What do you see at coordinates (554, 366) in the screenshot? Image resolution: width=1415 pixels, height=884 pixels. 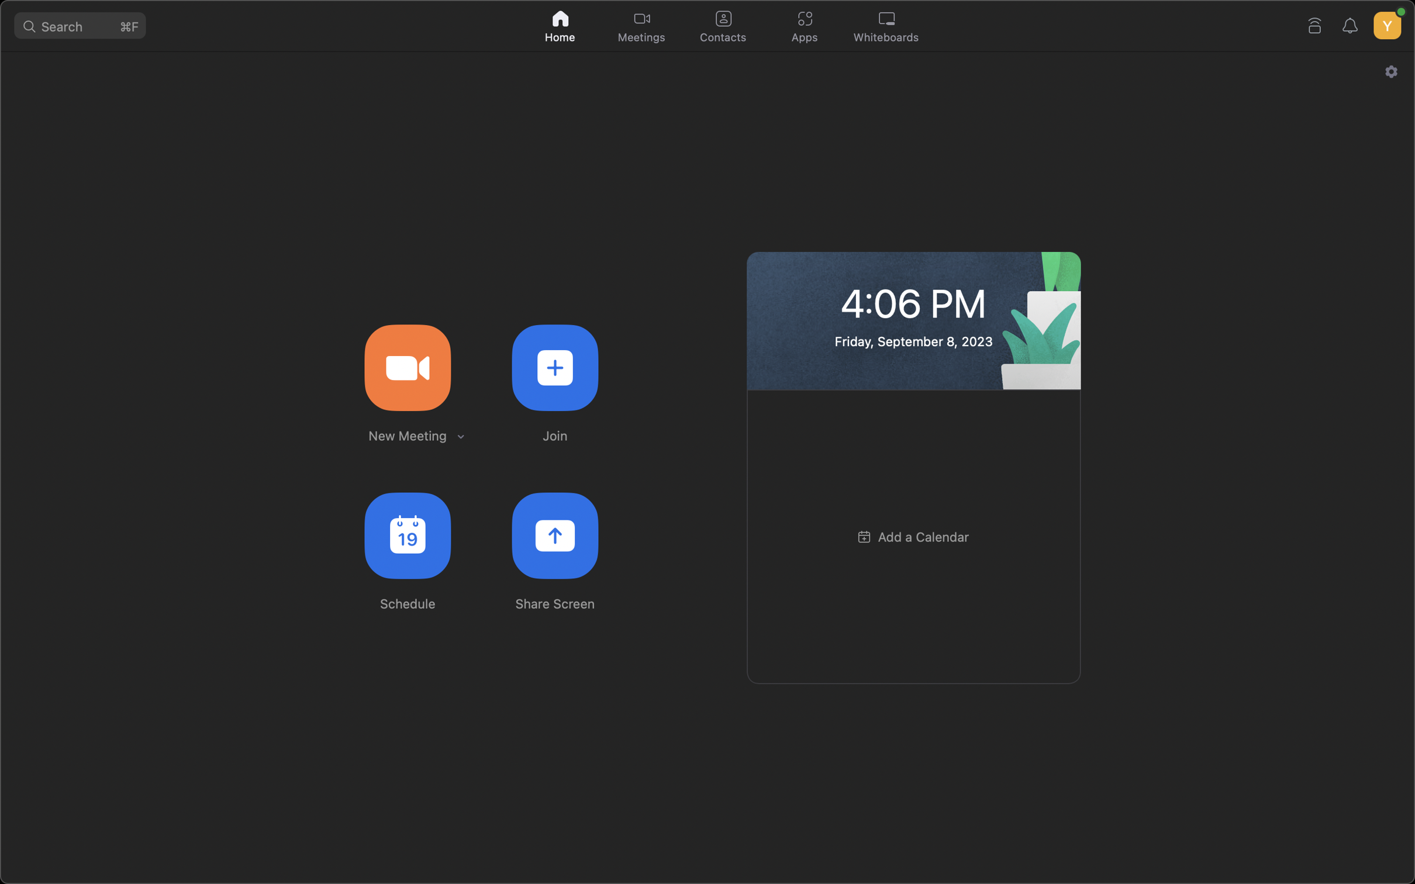 I see `Opt to take part in an ongoing meeting` at bounding box center [554, 366].